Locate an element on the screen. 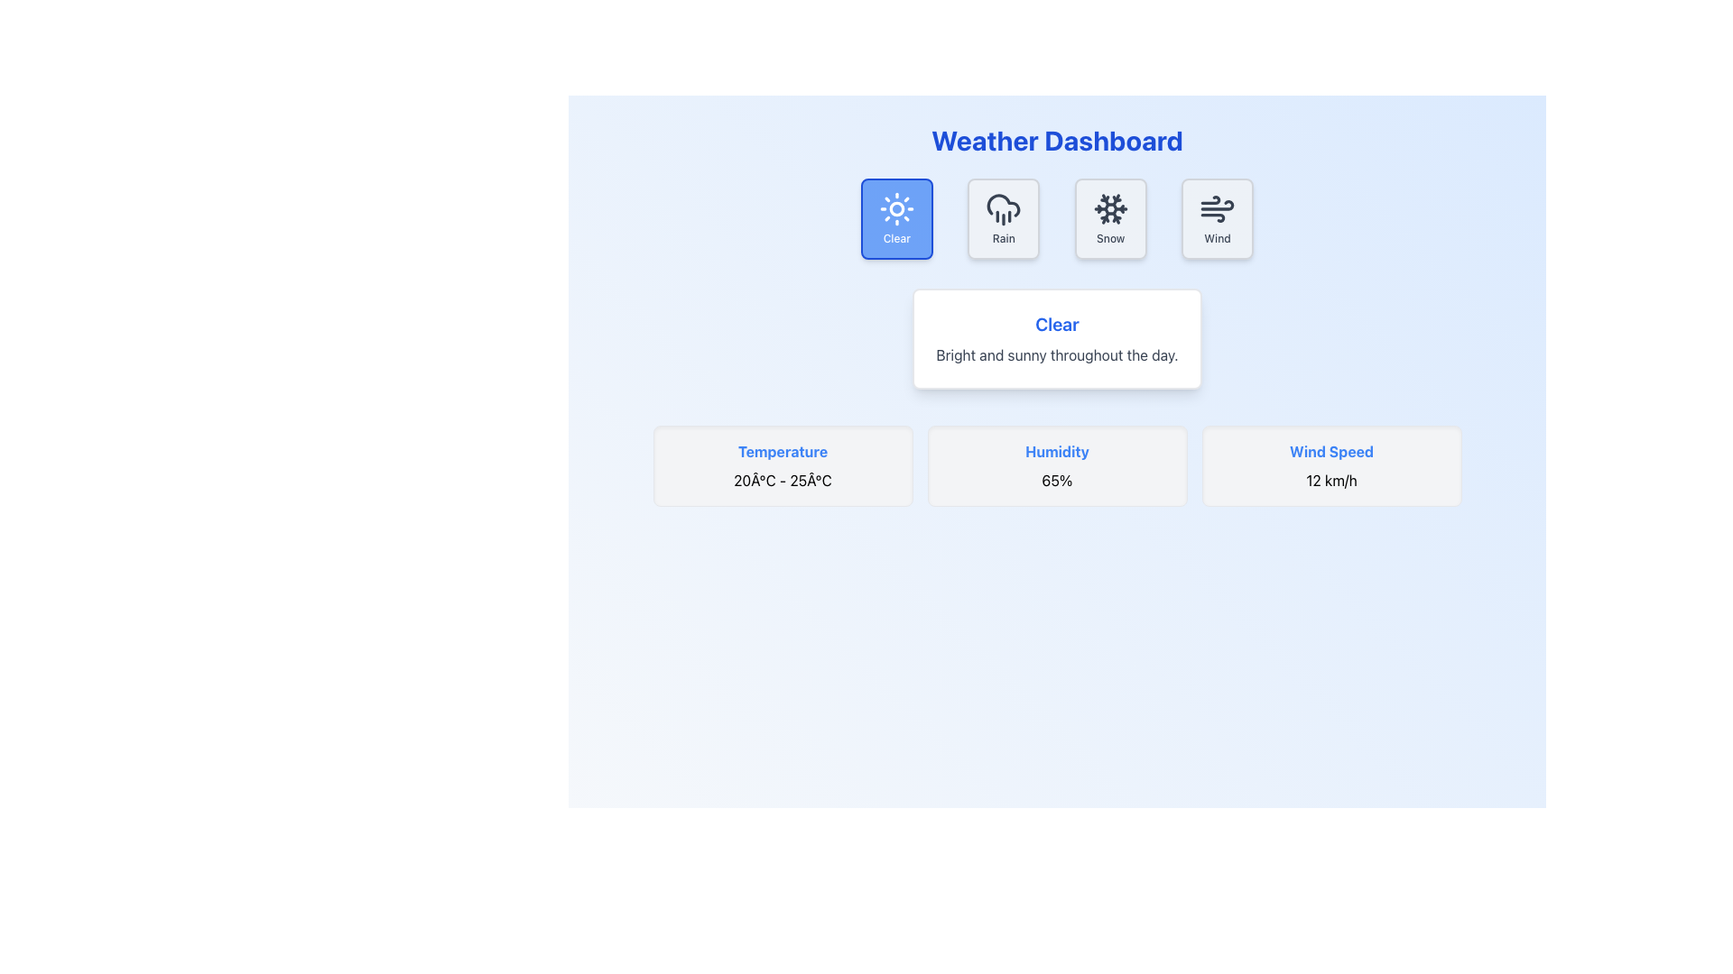 The width and height of the screenshot is (1733, 974). the Information display panel that shows the current humidity level, located as the second panel in a horizontal group of three panels at the bottom of the dashboard interface is located at coordinates (1057, 464).